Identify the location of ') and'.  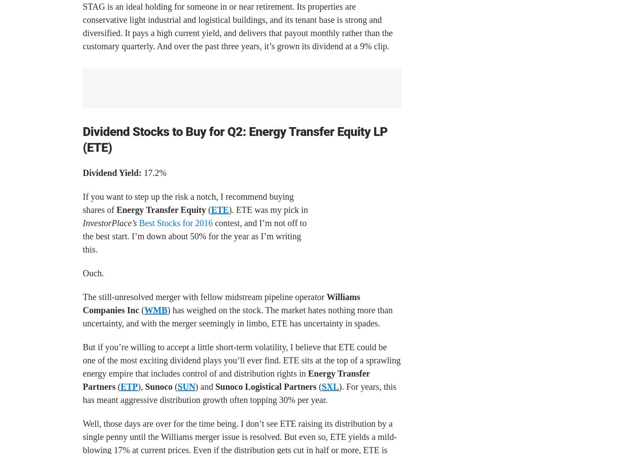
(205, 386).